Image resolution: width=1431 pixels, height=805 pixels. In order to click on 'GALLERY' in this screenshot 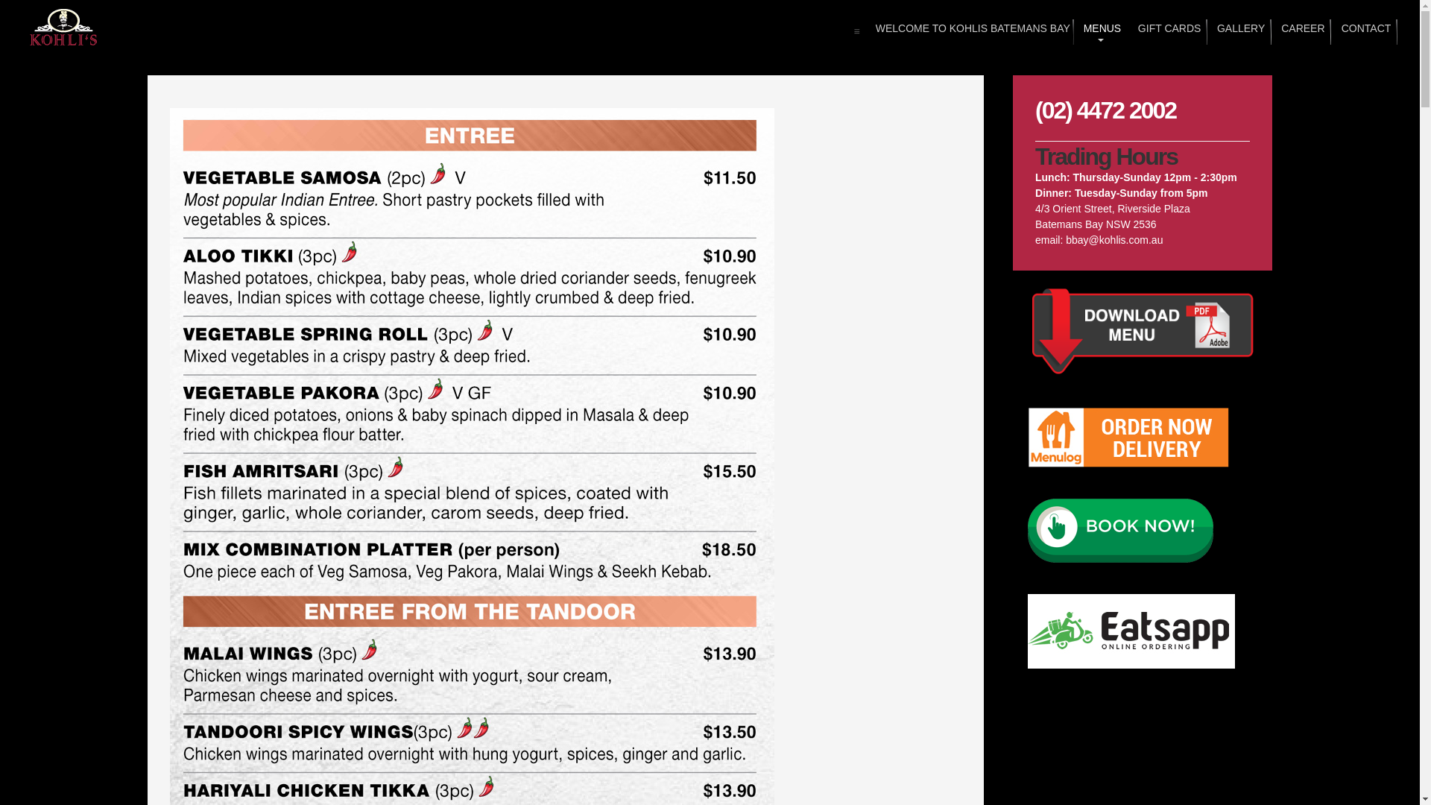, I will do `click(1239, 31)`.